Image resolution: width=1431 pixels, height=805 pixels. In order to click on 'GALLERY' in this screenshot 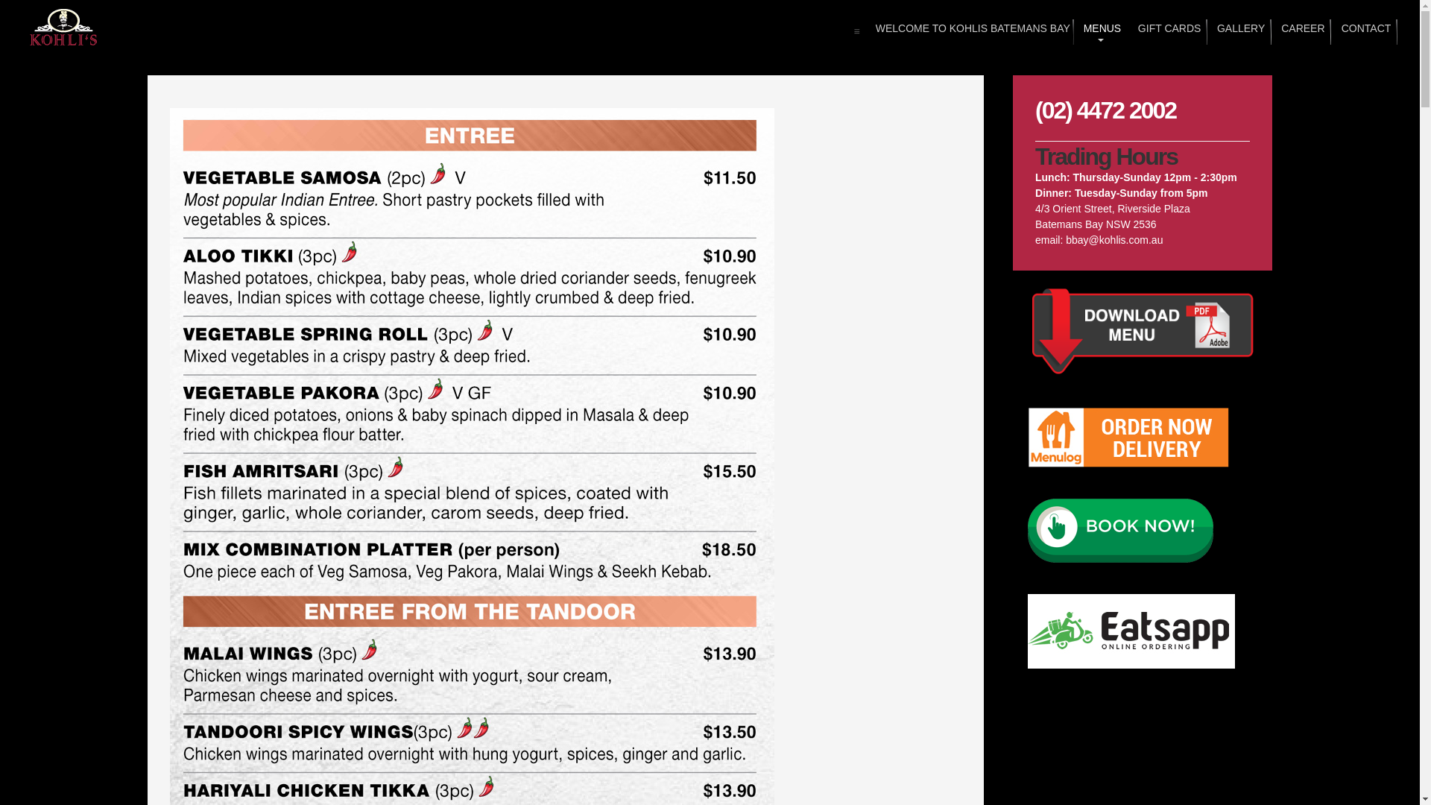, I will do `click(1239, 31)`.